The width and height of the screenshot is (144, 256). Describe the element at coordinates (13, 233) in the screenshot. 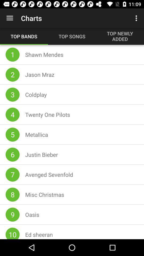

I see `icon to the left of the ed sheeran item` at that location.